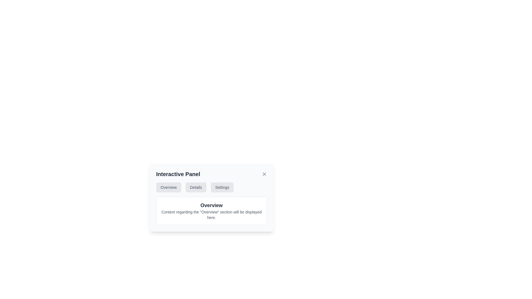 This screenshot has height=299, width=532. Describe the element at coordinates (222, 187) in the screenshot. I see `the third button in the horizontal group of navigation buttons` at that location.